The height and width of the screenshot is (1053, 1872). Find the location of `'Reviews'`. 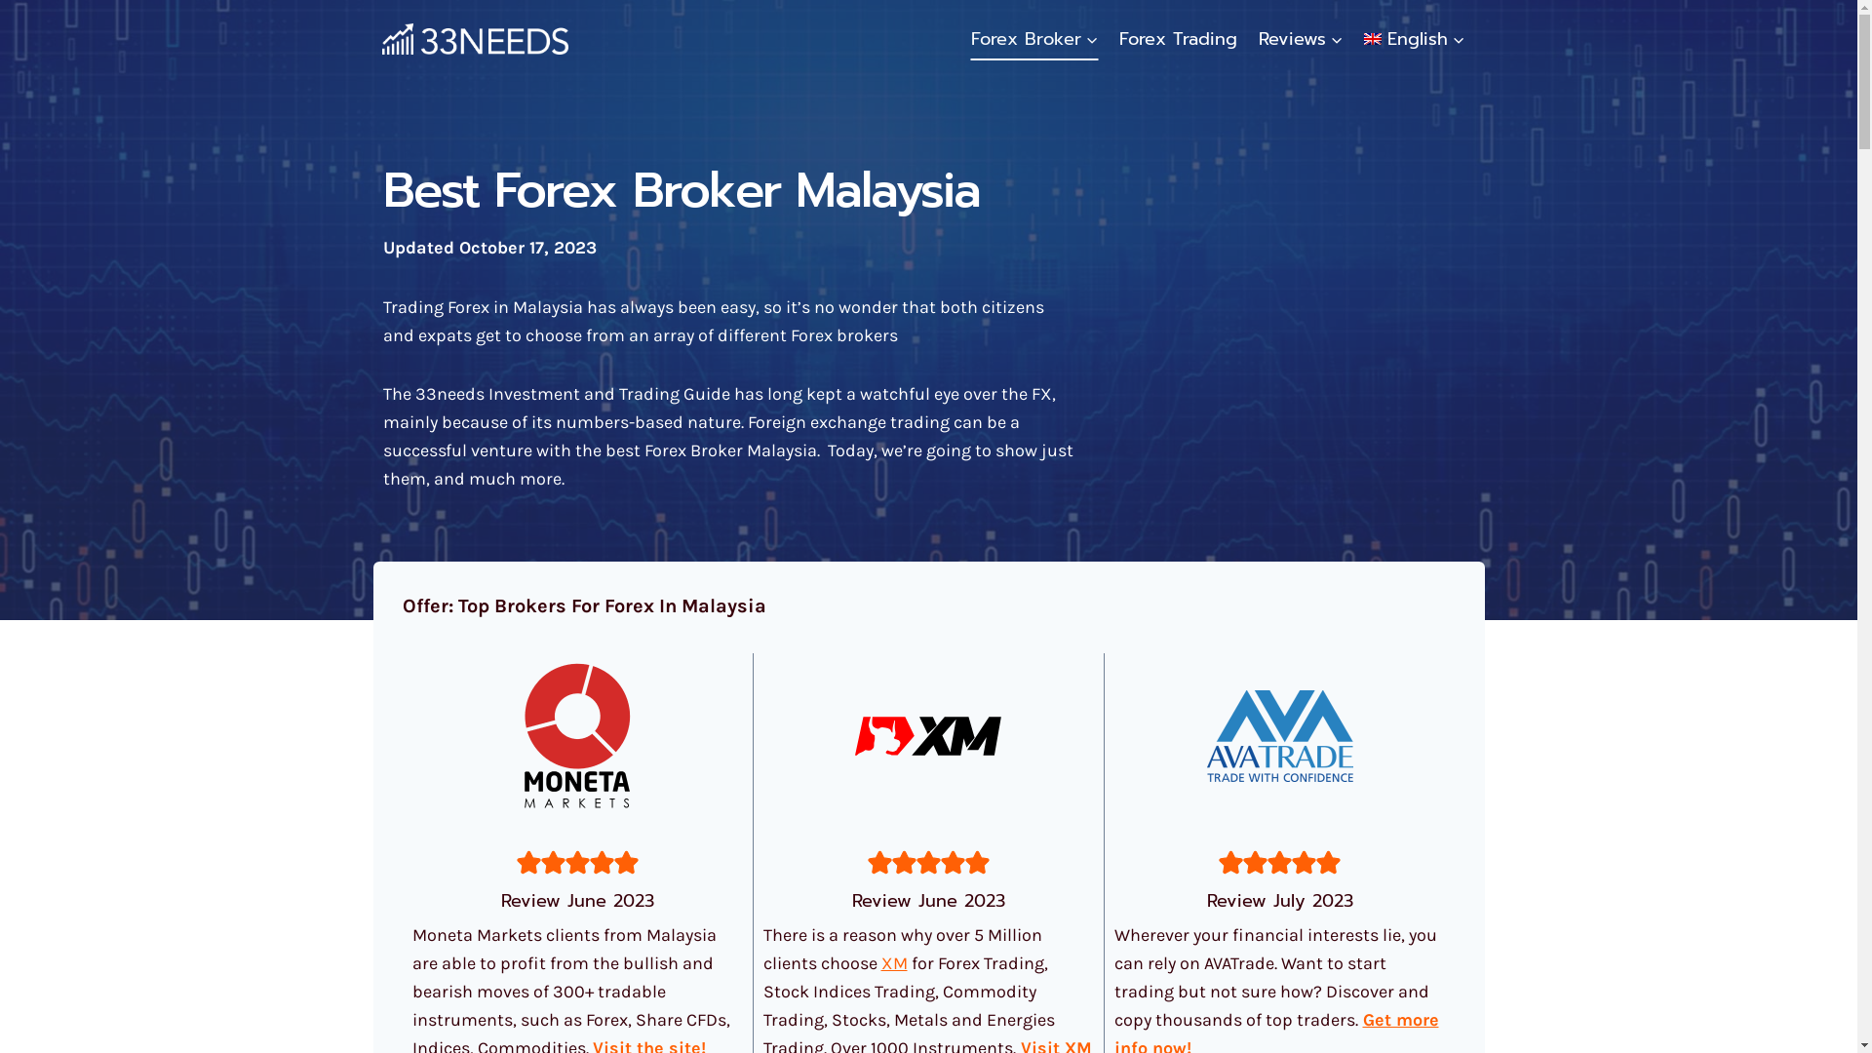

'Reviews' is located at coordinates (1301, 38).